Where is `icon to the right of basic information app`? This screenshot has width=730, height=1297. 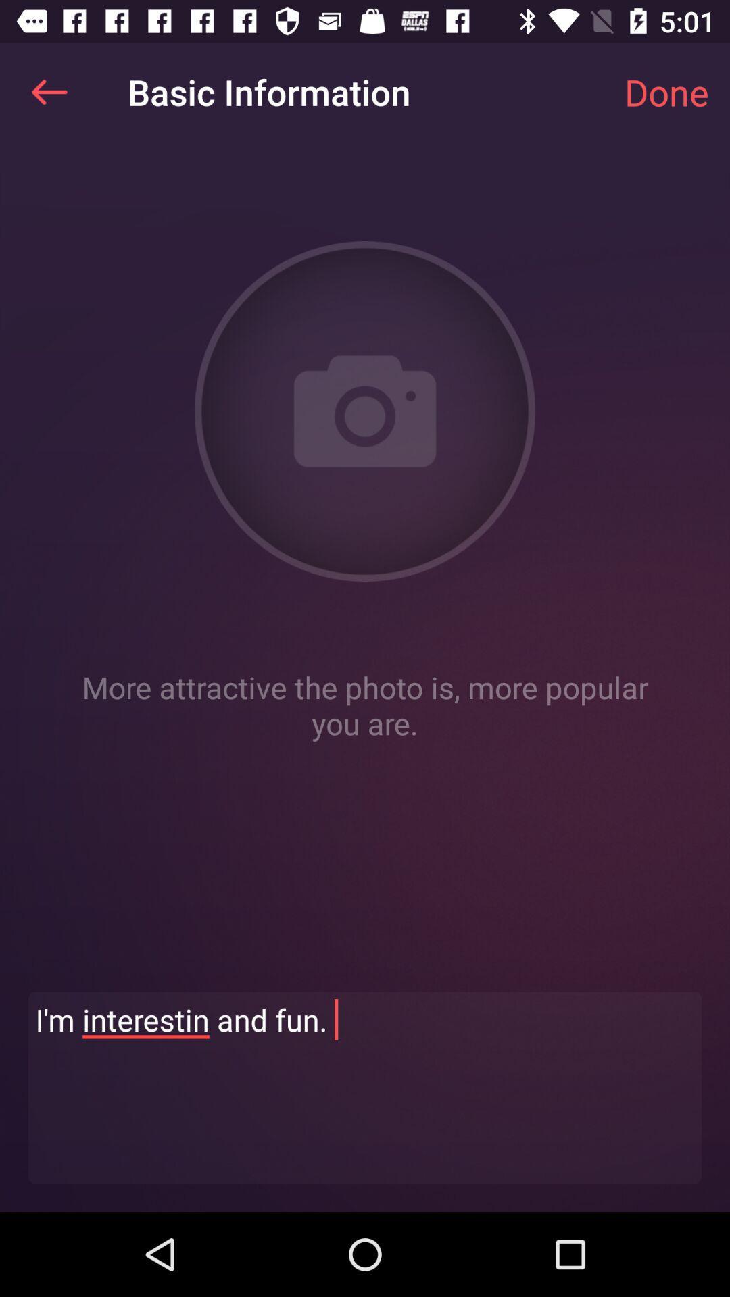
icon to the right of basic information app is located at coordinates (666, 91).